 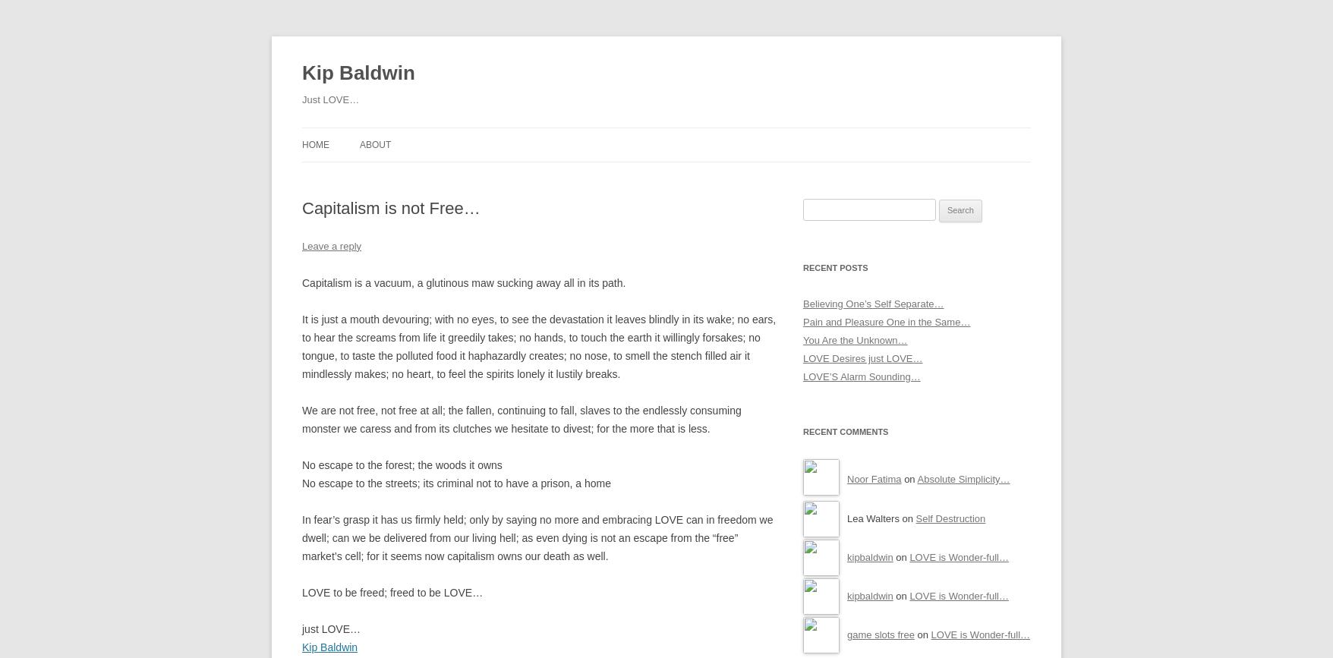 What do you see at coordinates (862, 376) in the screenshot?
I see `'LOVE’S Alarm Sounding…'` at bounding box center [862, 376].